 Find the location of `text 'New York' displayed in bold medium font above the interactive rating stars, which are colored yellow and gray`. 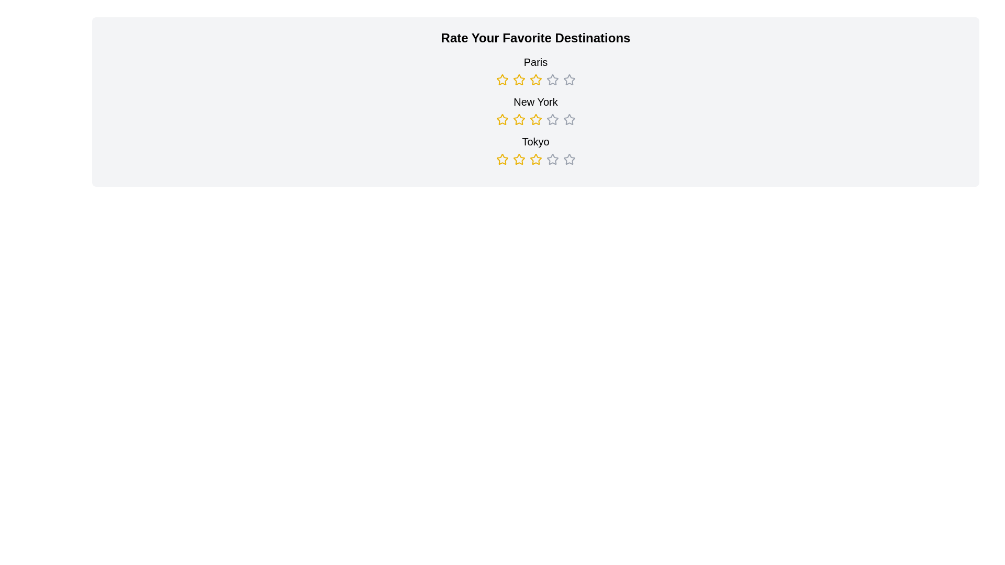

text 'New York' displayed in bold medium font above the interactive rating stars, which are colored yellow and gray is located at coordinates (535, 110).